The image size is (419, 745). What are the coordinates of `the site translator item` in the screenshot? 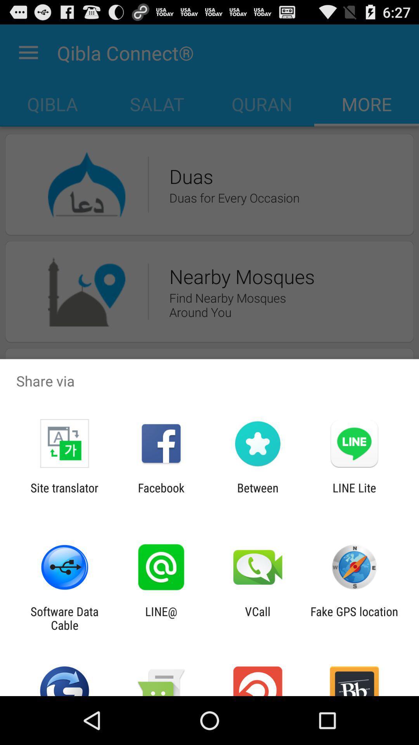 It's located at (64, 494).